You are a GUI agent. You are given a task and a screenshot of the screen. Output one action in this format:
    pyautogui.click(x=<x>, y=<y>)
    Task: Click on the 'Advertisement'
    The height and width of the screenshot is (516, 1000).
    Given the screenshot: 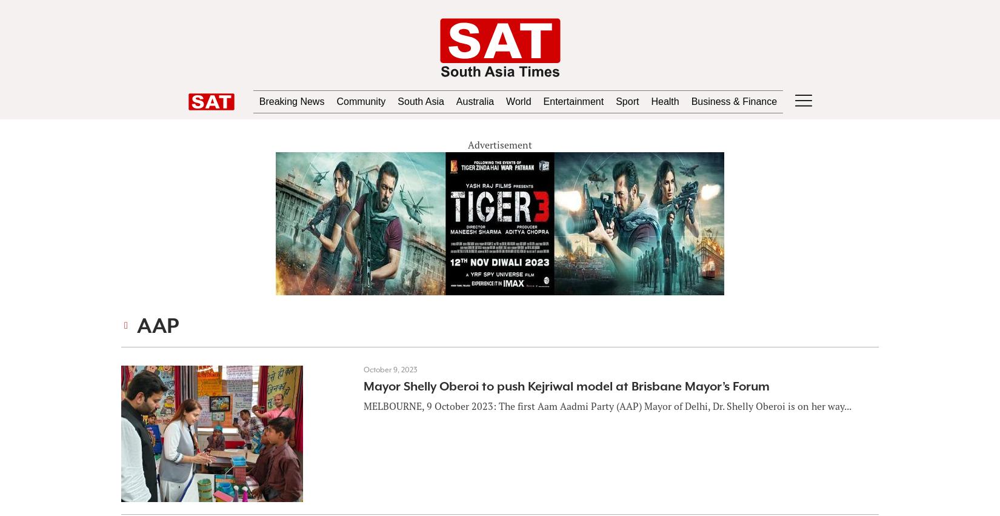 What is the action you would take?
    pyautogui.click(x=500, y=144)
    